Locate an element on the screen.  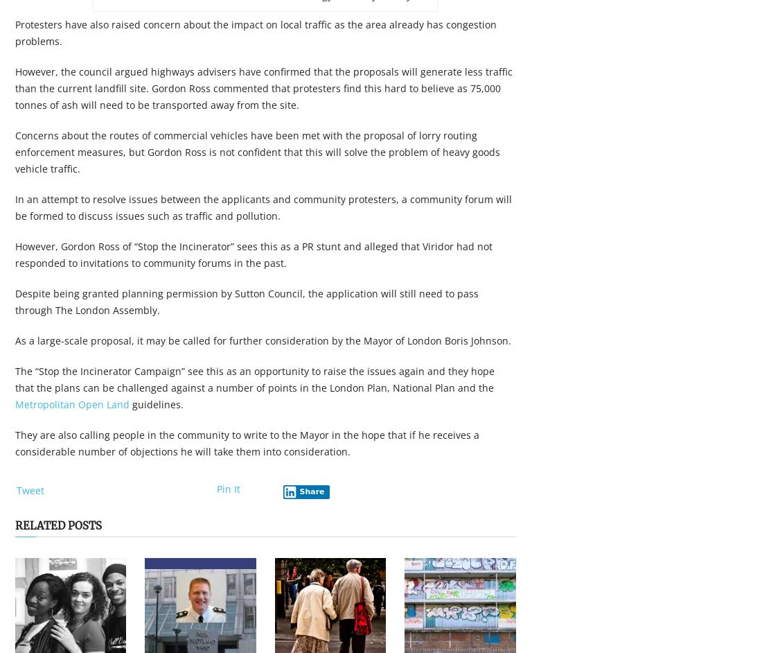
'Share' is located at coordinates (311, 491).